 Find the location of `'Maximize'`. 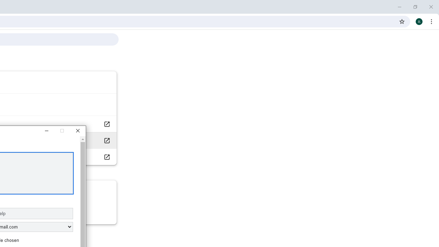

'Maximize' is located at coordinates (62, 131).